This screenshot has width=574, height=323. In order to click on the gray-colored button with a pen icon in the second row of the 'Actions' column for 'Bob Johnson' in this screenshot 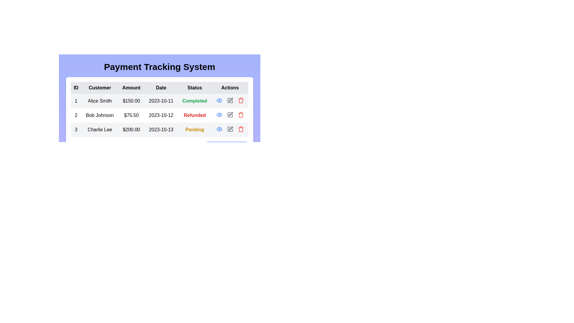, I will do `click(230, 100)`.